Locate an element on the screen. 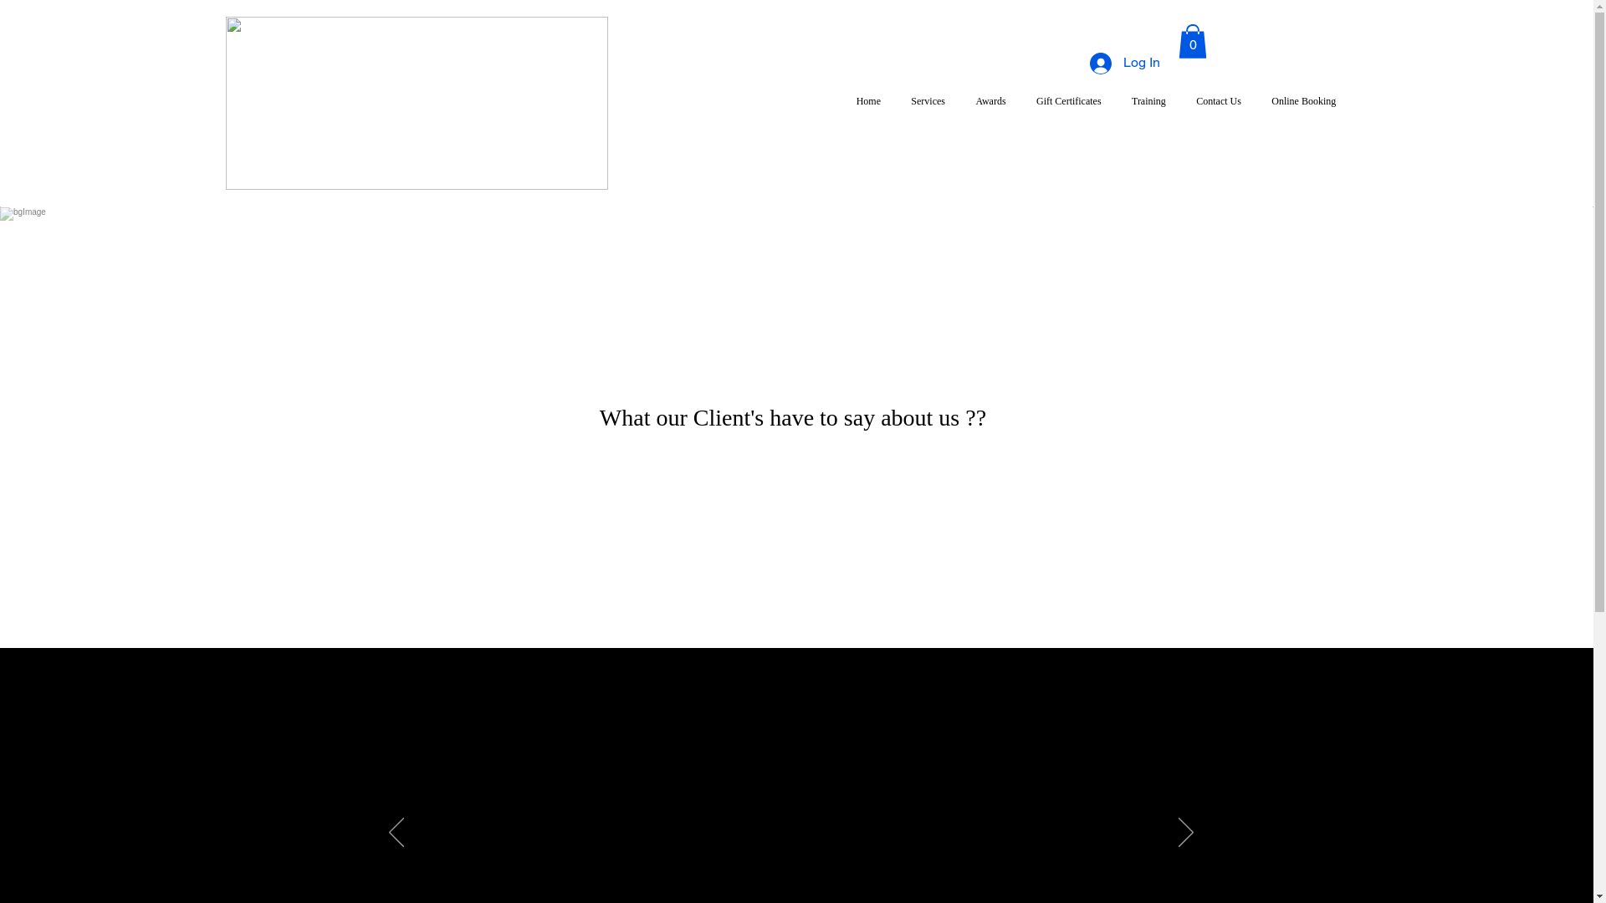  'Home' is located at coordinates (841, 100).